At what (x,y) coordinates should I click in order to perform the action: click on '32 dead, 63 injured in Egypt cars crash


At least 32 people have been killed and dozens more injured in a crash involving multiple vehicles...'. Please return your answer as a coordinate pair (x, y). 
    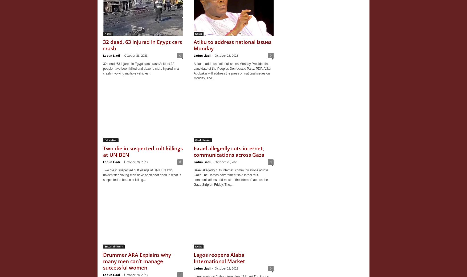
    Looking at the image, I should click on (103, 68).